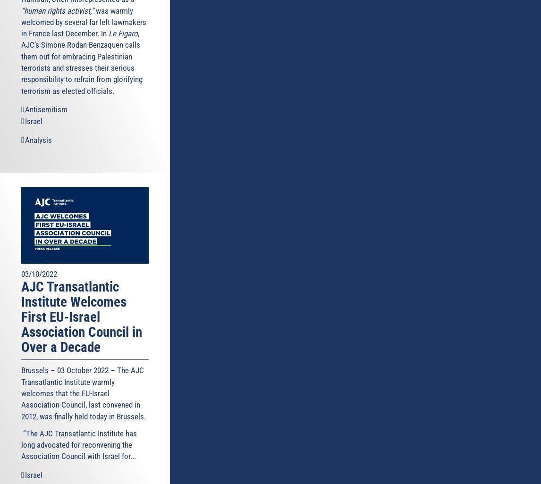  I want to click on ', AJC’s Simone Rodan-Benzaquen calls them out for embracing Palestinian terrorists and stresses their serious responsibility to refrain from glorifying terrorism as elected officials.', so click(82, 62).